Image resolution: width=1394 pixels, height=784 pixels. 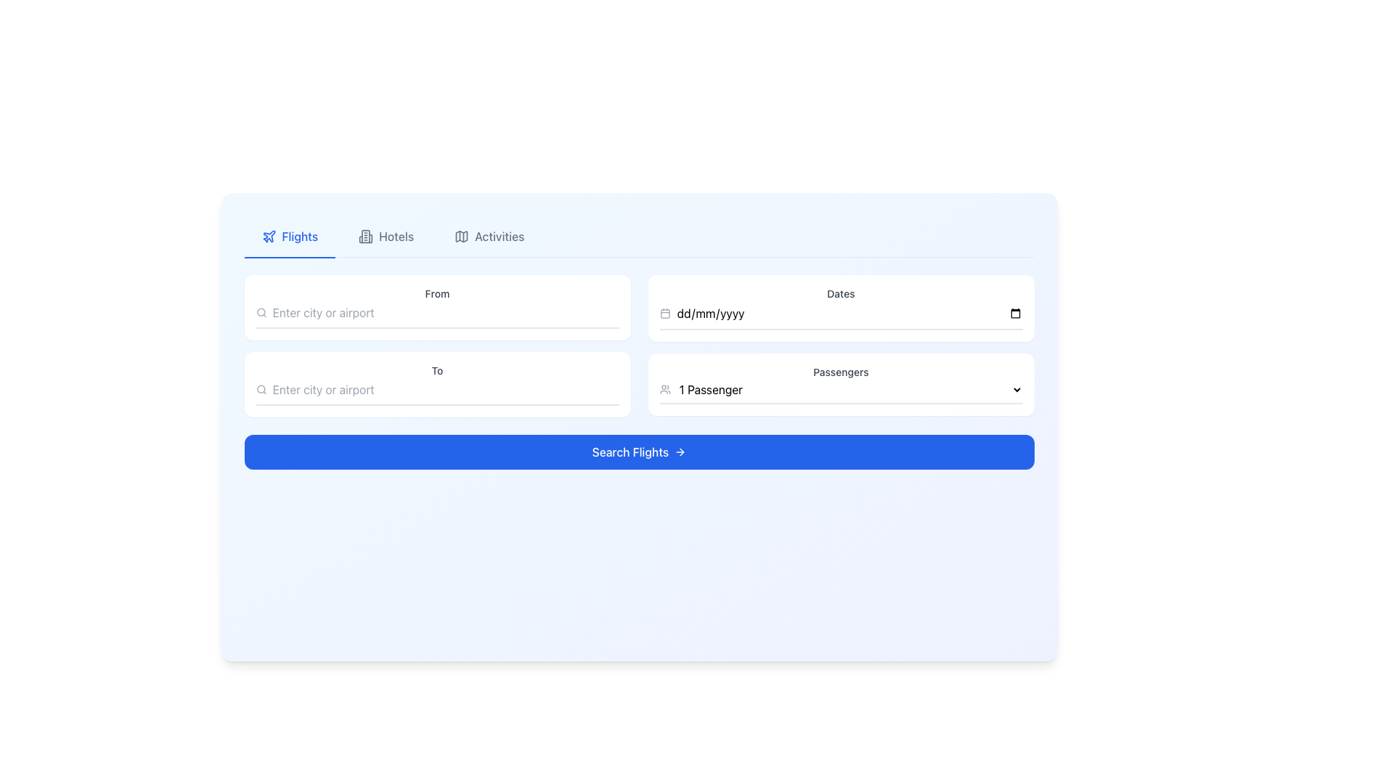 I want to click on the 'Dates' label, which is a small gray text label located at the top-right section of the form panel, above the date input field and aligned with a calendar icon, so click(x=841, y=294).